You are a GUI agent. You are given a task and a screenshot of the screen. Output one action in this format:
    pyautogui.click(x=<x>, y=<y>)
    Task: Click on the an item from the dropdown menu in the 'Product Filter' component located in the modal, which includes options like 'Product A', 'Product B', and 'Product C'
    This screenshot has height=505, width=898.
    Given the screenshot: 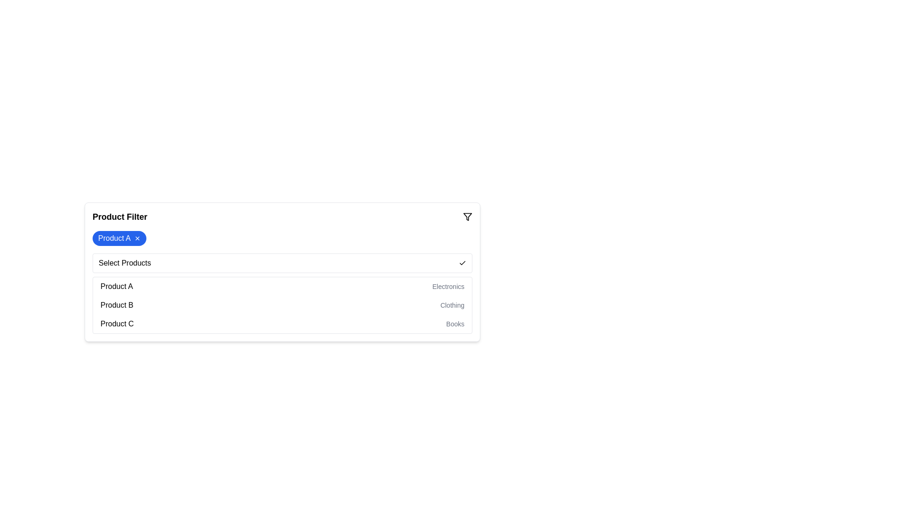 What is the action you would take?
    pyautogui.click(x=282, y=272)
    